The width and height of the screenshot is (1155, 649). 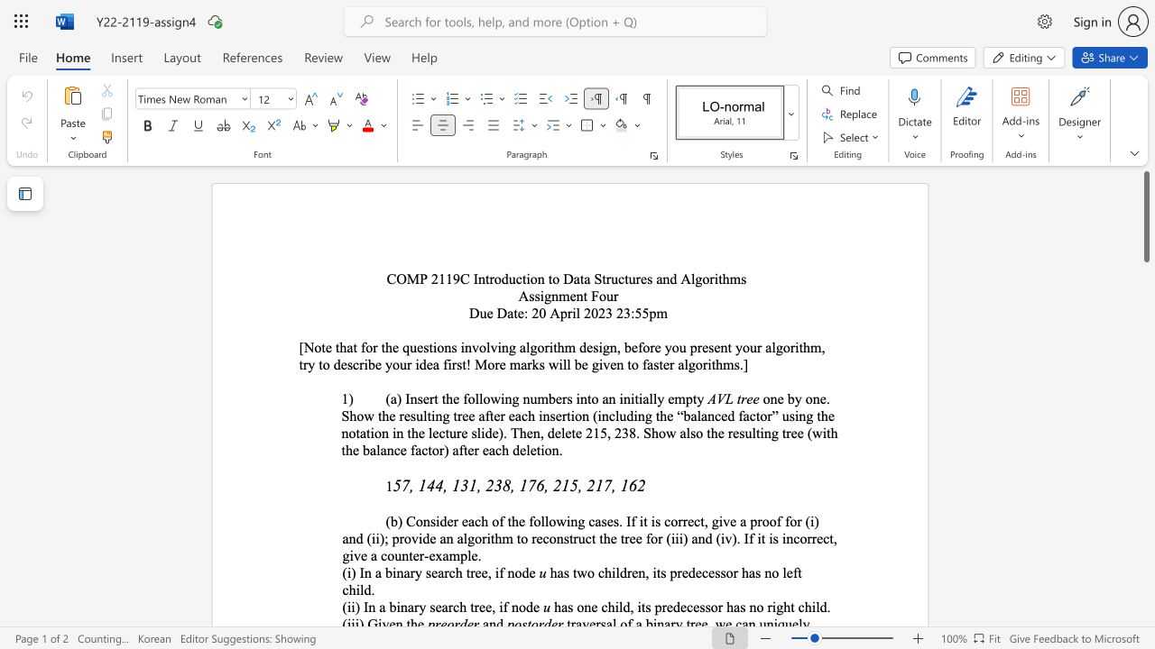 I want to click on the scrollbar on the right side to scroll the page down, so click(x=1145, y=395).